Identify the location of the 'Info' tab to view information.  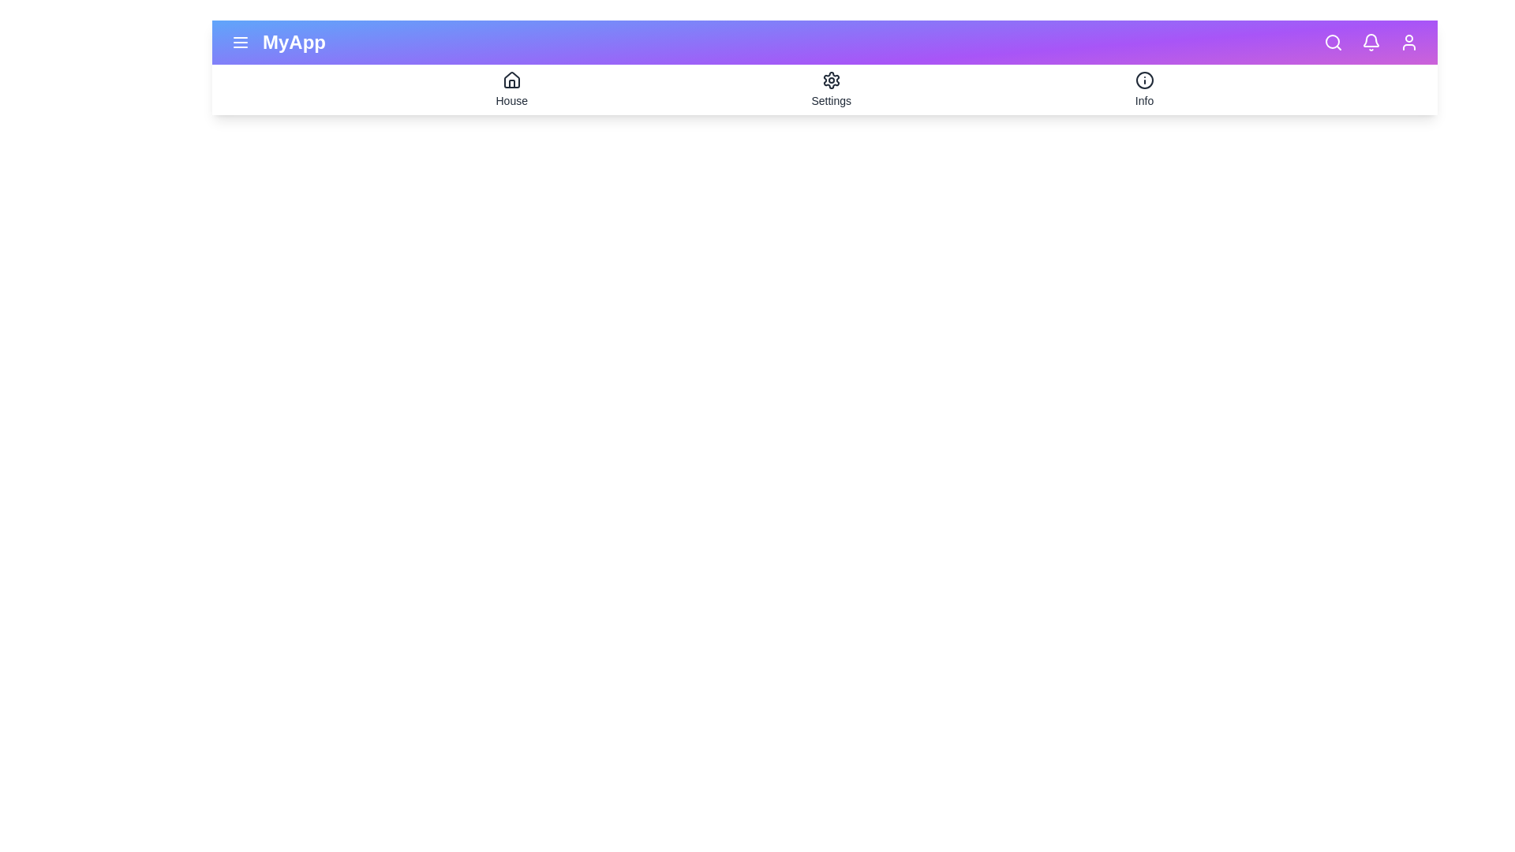
(1143, 90).